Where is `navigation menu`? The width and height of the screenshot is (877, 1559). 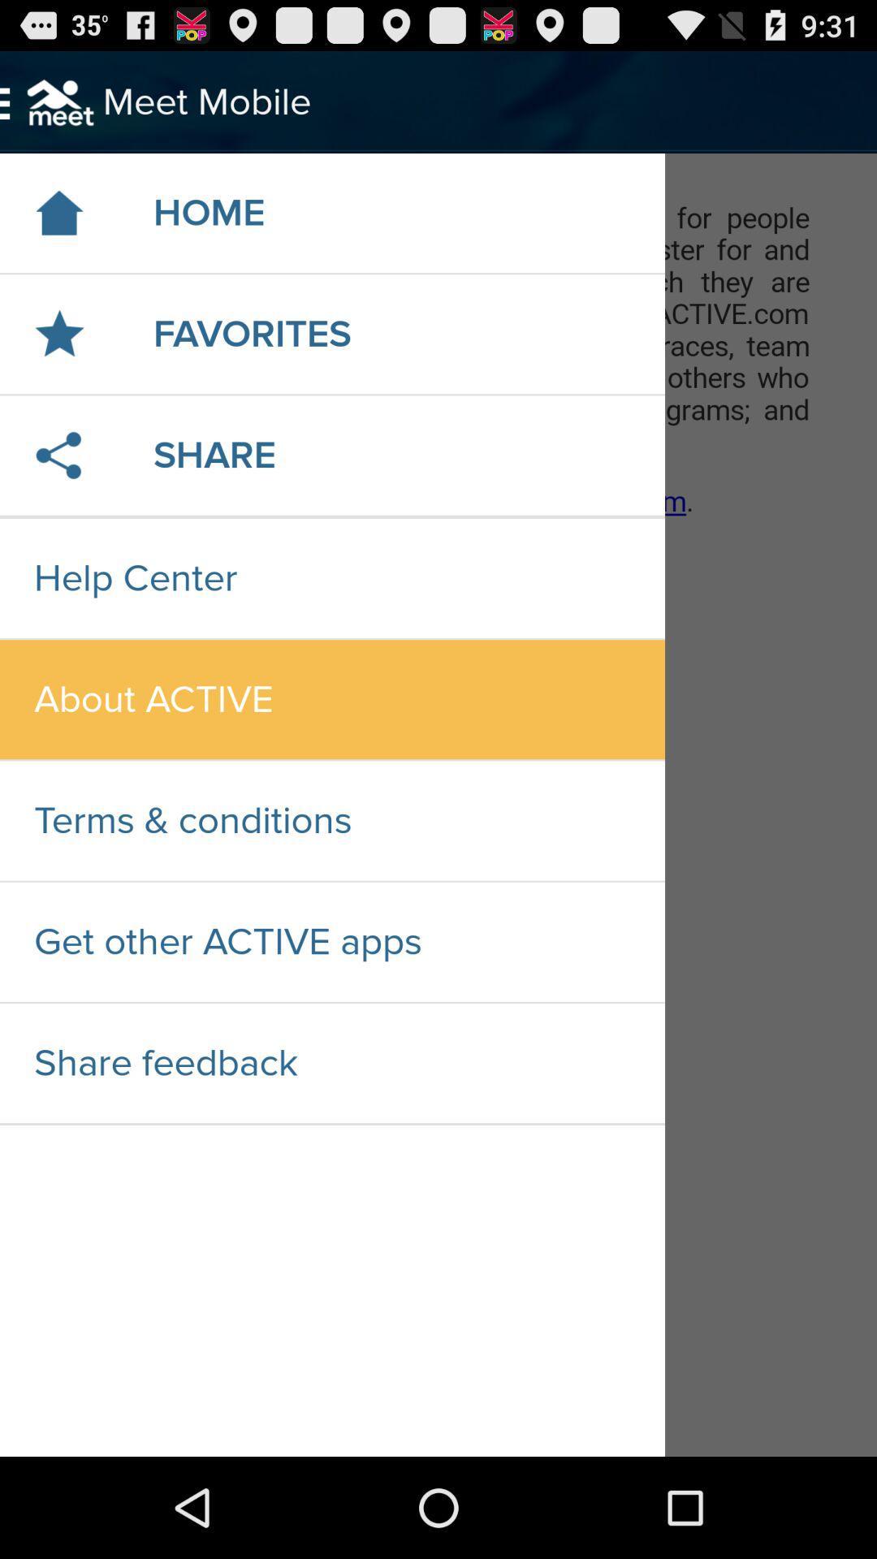 navigation menu is located at coordinates (438, 805).